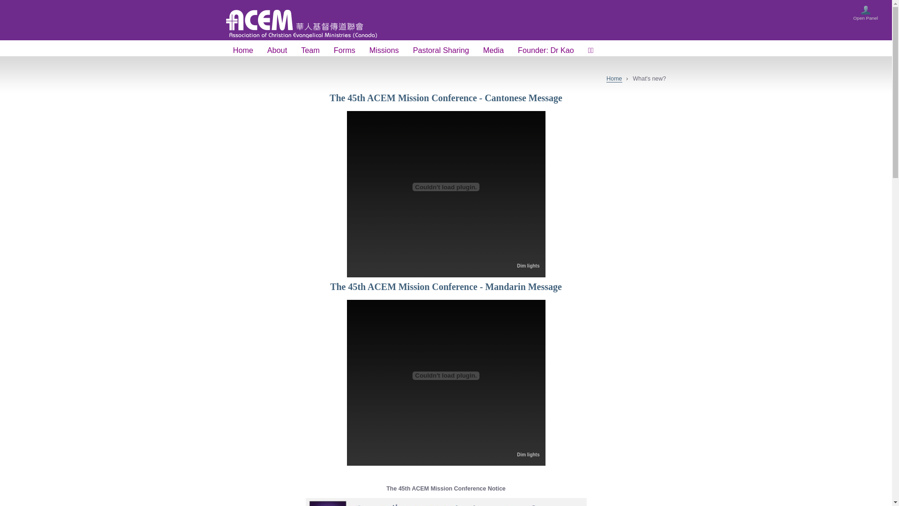 This screenshot has width=899, height=506. I want to click on 'About', so click(276, 51).